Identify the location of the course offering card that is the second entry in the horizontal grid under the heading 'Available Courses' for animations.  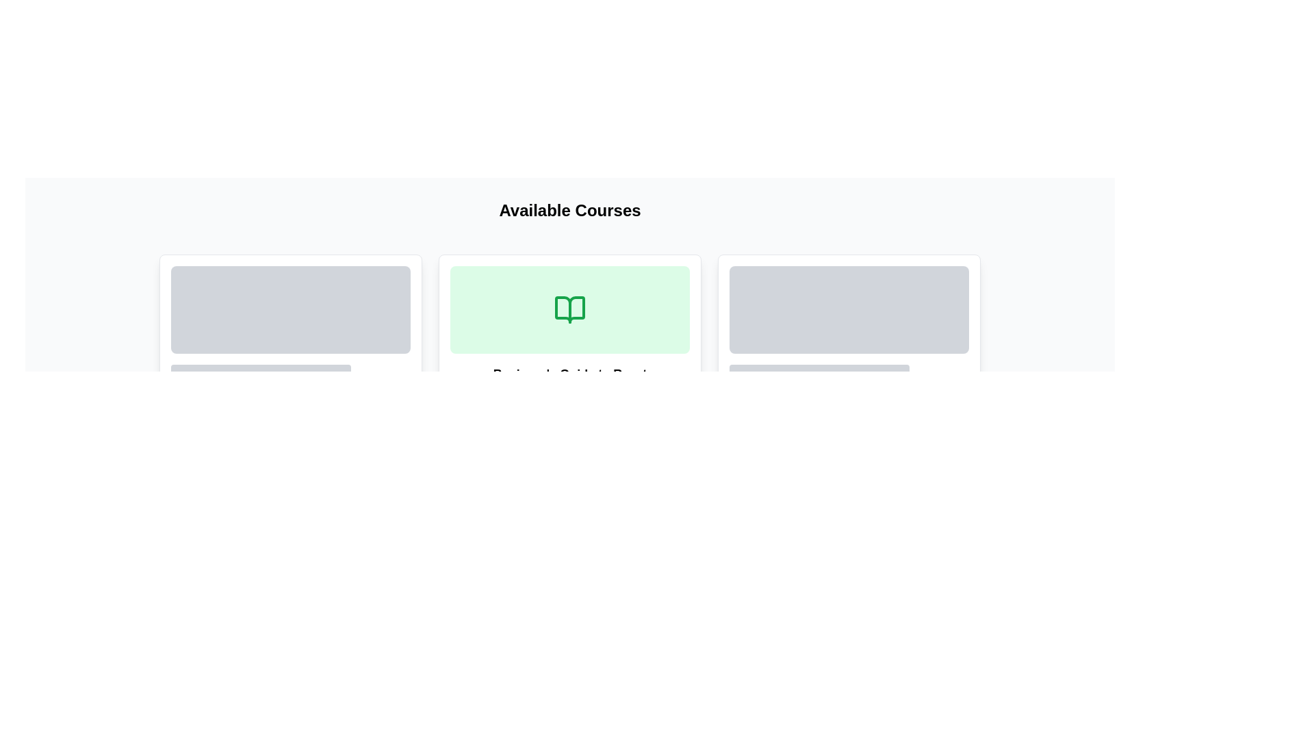
(570, 352).